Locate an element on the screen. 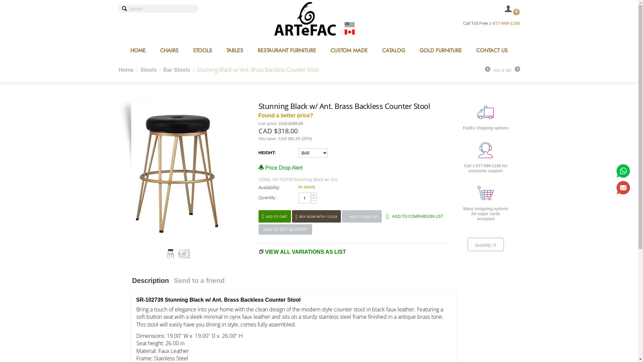 The height and width of the screenshot is (362, 643). 'Send to a friend' is located at coordinates (201, 284).